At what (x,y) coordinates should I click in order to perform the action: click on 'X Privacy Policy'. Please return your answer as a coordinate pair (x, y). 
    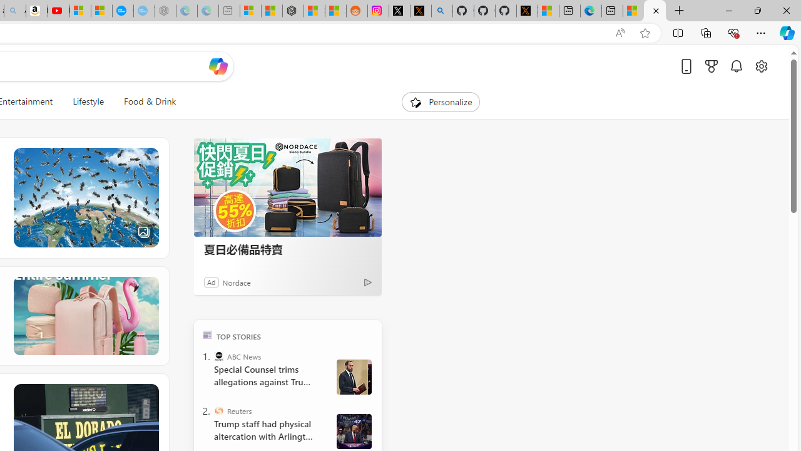
    Looking at the image, I should click on (527, 11).